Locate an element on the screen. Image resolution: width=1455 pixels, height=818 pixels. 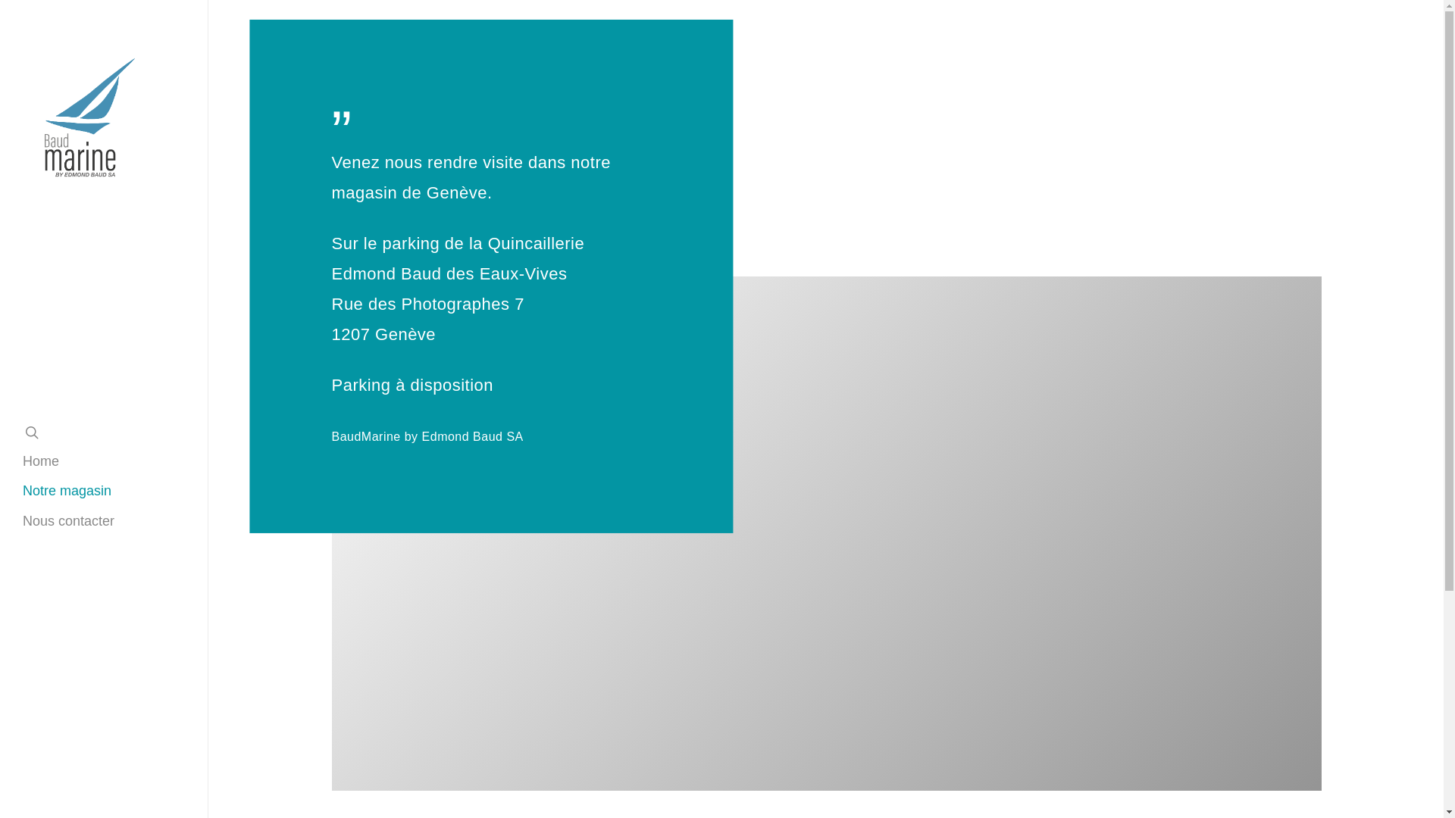
'Home' is located at coordinates (22, 461).